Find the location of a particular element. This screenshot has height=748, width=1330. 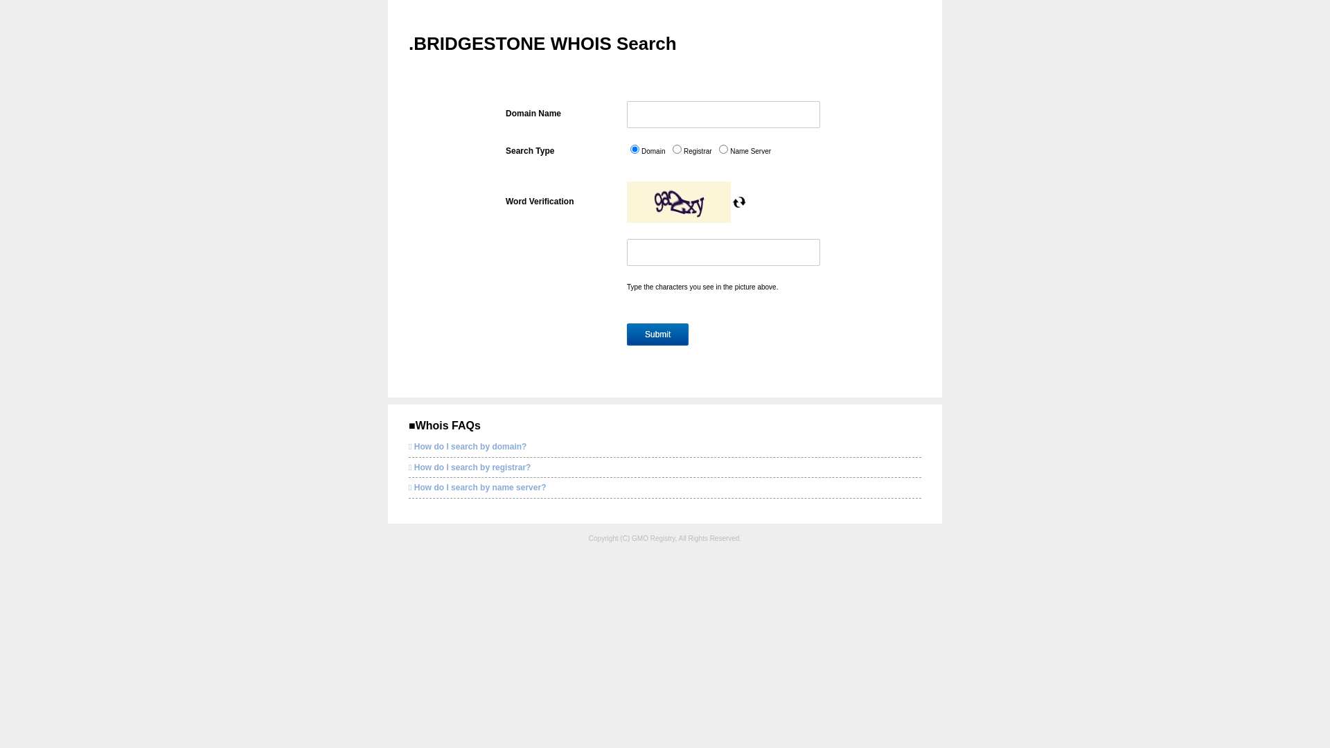

'Submit' is located at coordinates (657, 334).